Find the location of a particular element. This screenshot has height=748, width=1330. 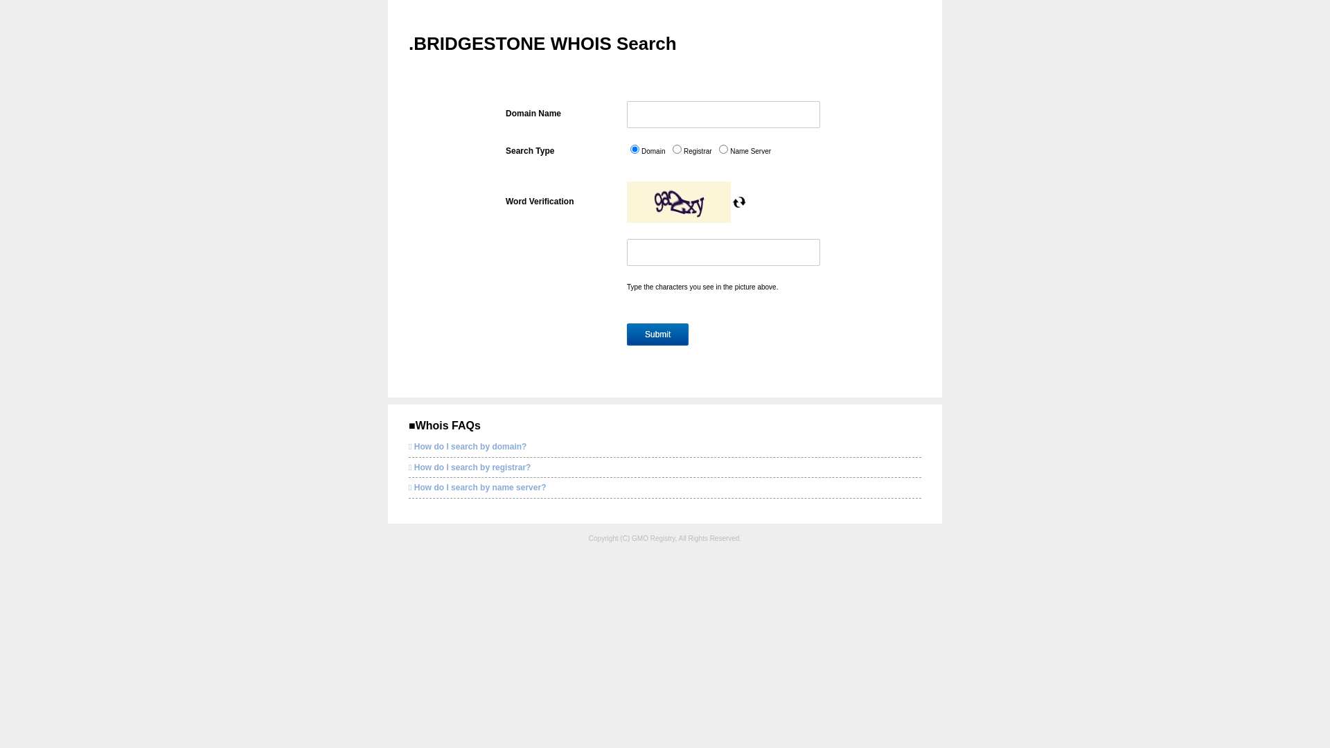

'Submit' is located at coordinates (657, 334).